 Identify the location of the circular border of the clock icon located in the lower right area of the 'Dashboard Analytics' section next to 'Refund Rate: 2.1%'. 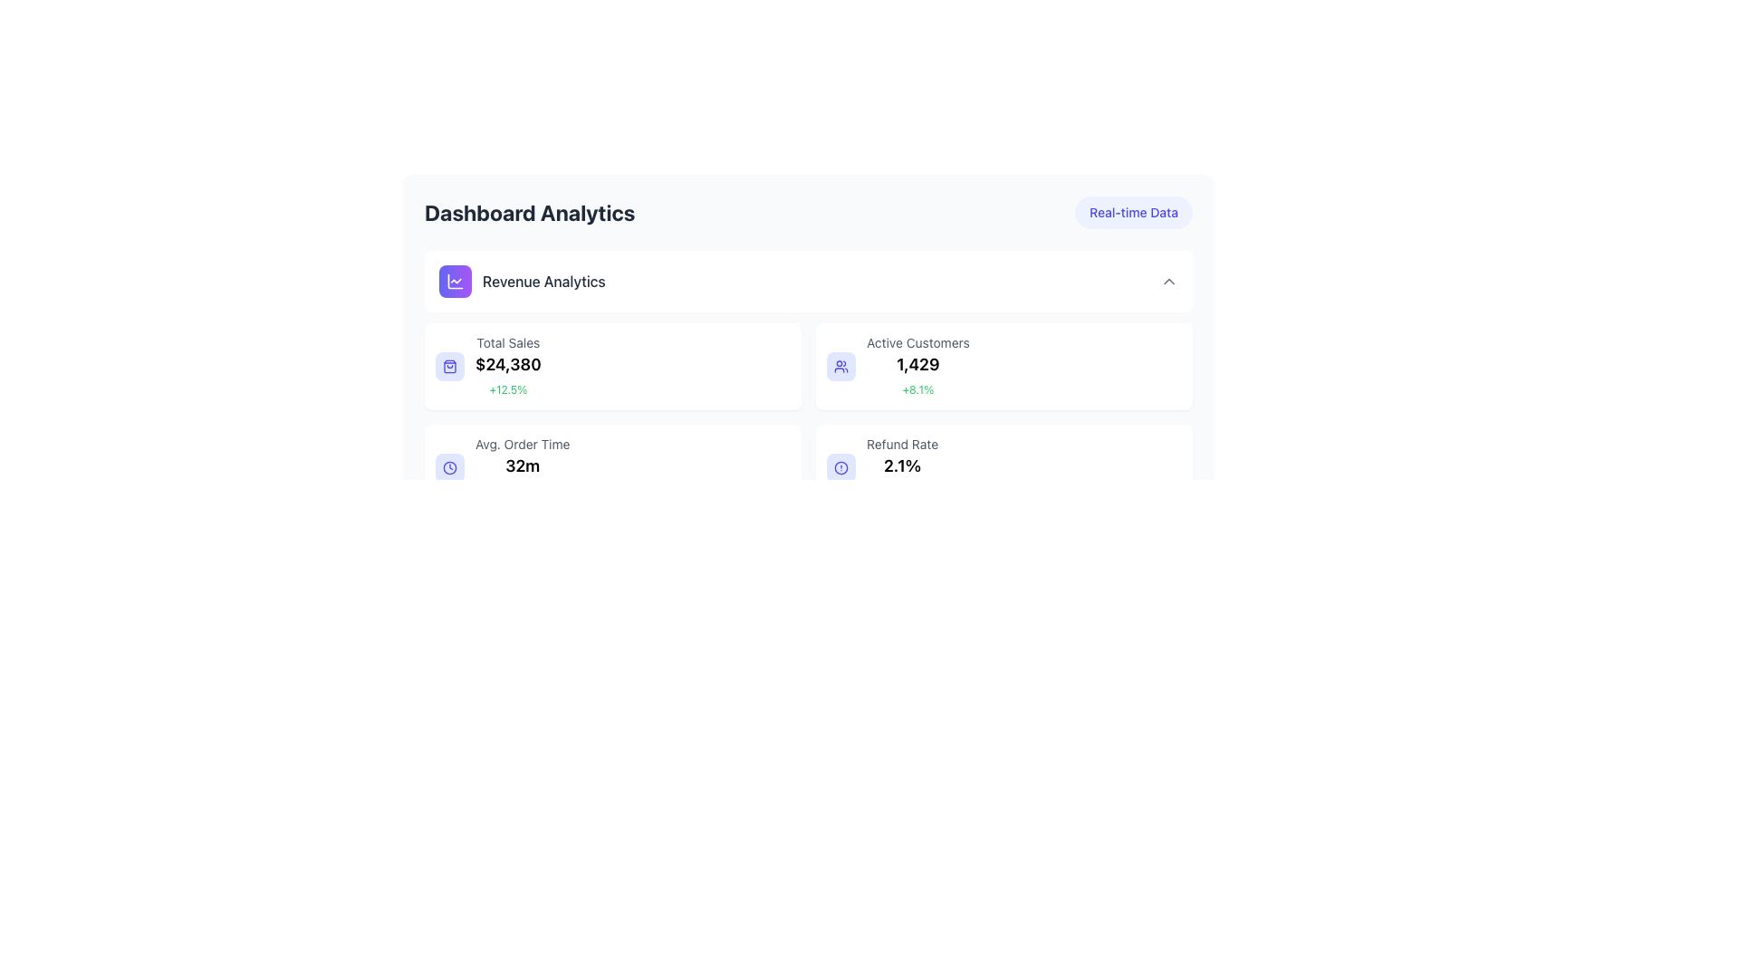
(450, 466).